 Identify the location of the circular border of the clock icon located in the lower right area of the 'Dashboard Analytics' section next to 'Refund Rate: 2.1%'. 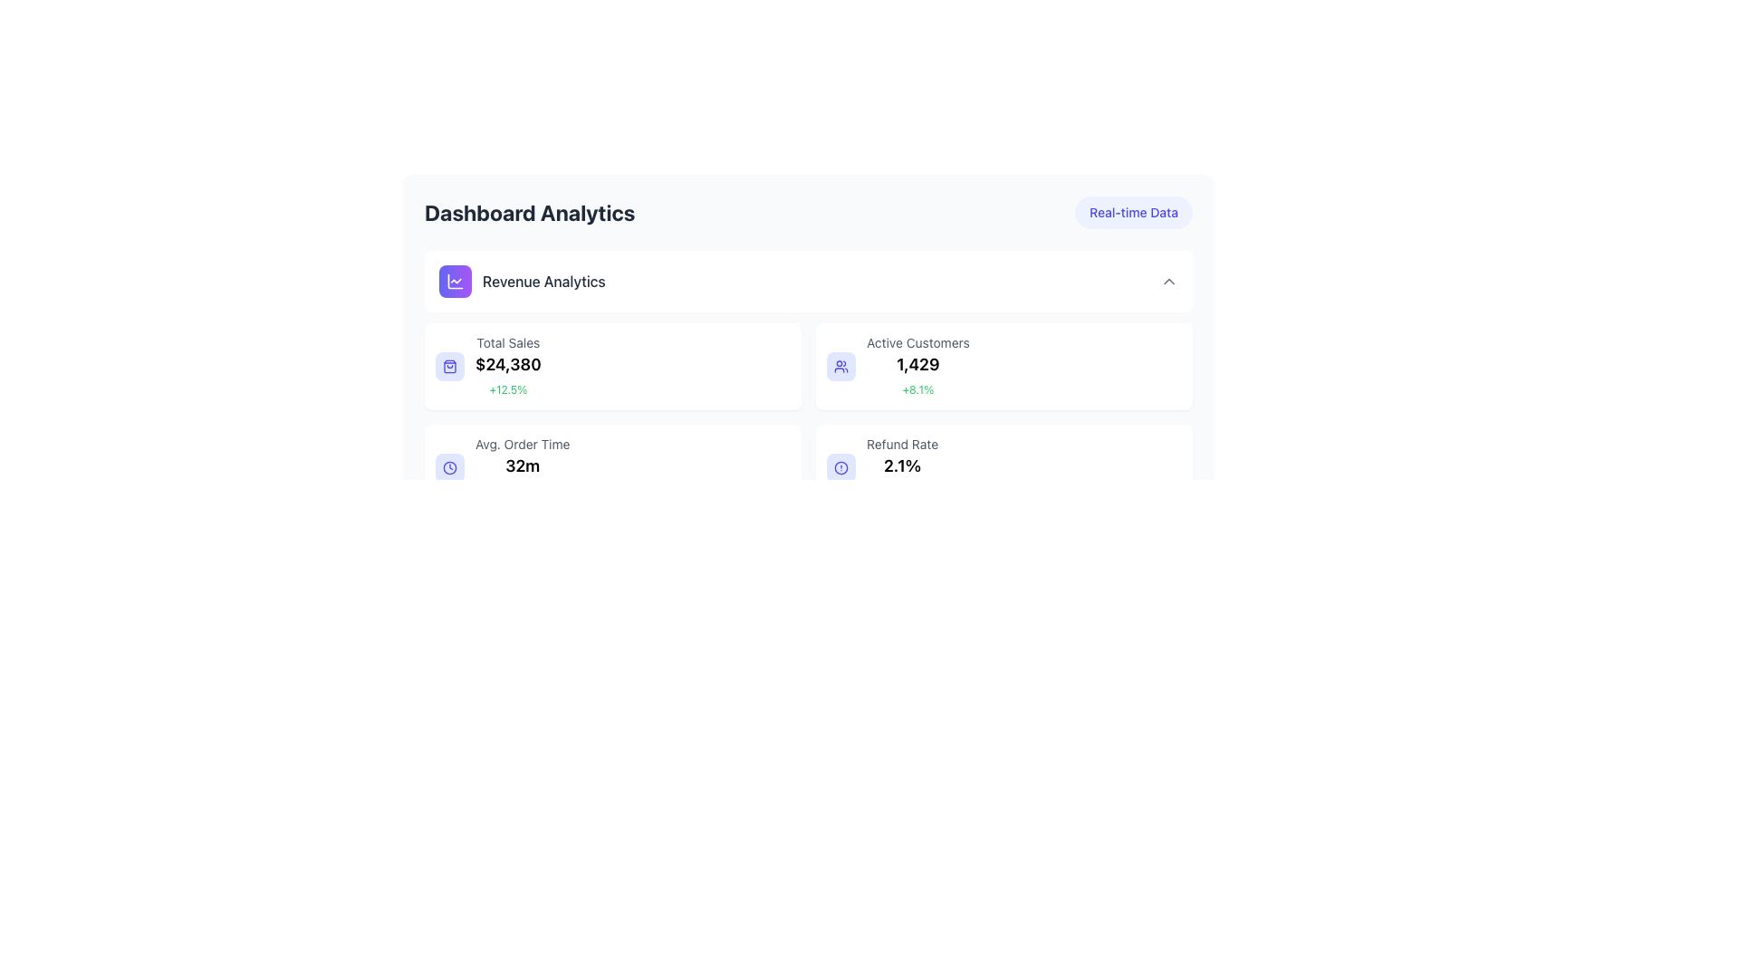
(450, 466).